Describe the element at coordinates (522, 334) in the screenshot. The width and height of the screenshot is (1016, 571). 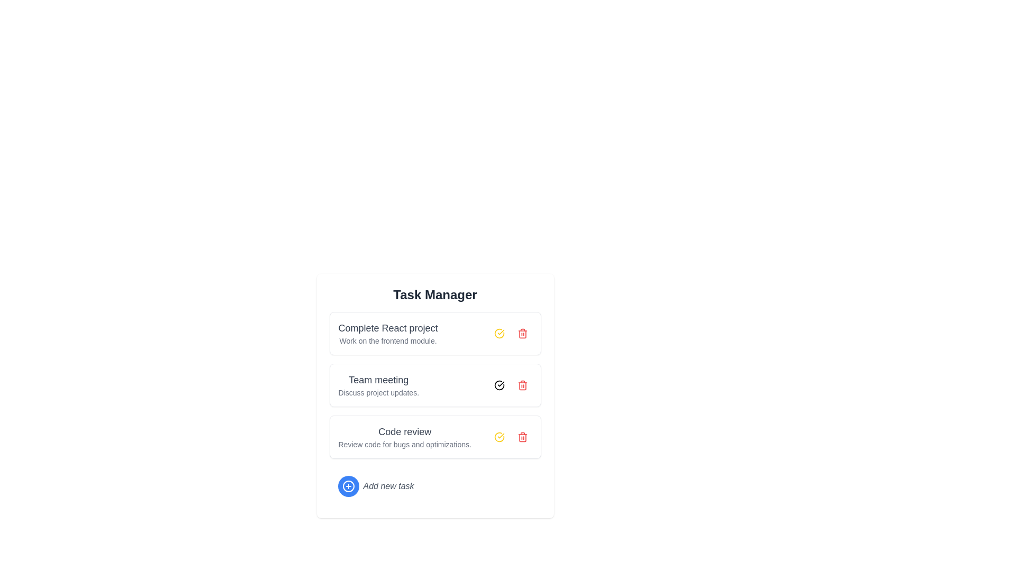
I see `the first trash icon button located on the right-hand side of the 'Complete React project' task entry` at that location.